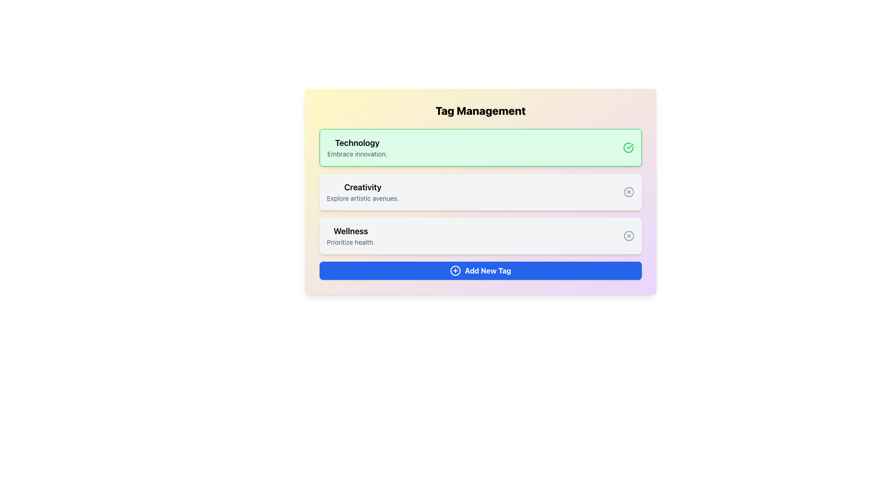  What do you see at coordinates (628, 147) in the screenshot?
I see `the icon that indicates the selected state of the 'Technology' tag, located in the top section of the 'Tag Management' interface, to the far right of the 'Technology' tag bar with a green background` at bounding box center [628, 147].